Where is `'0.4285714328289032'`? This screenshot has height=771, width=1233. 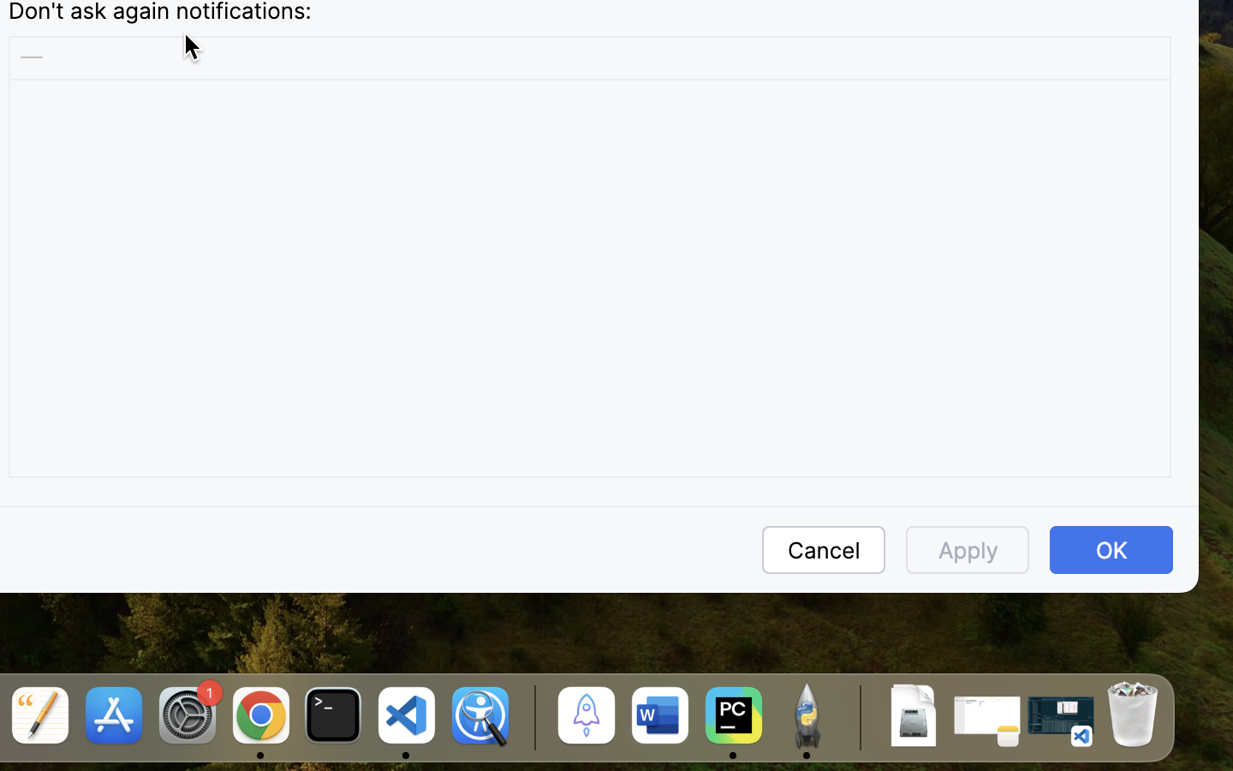 '0.4285714328289032' is located at coordinates (531, 717).